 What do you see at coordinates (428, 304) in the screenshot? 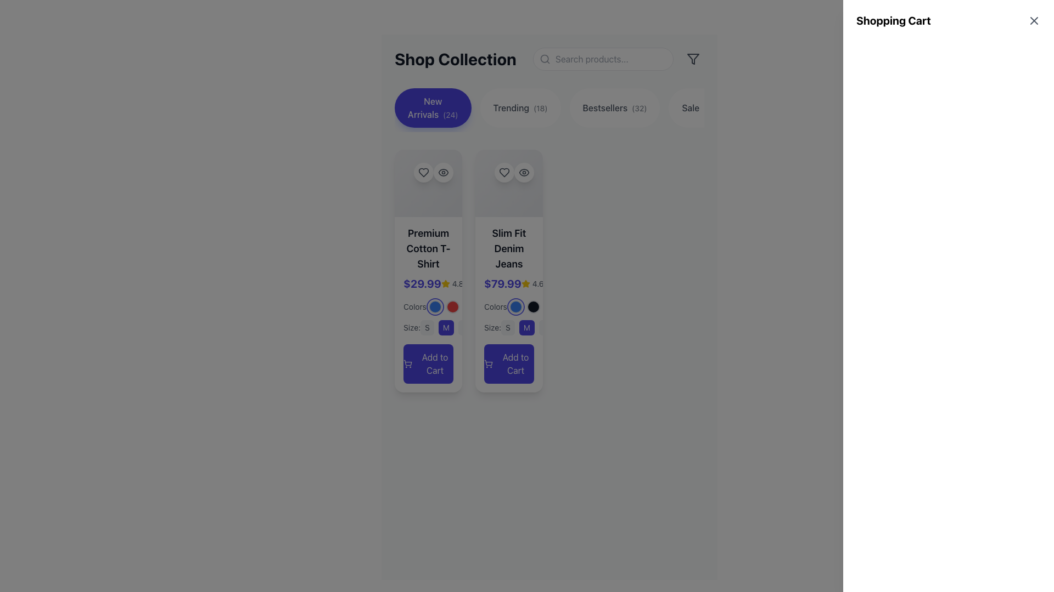
I see `the first selectable color option (blue) for the product 'Premium Cotton T-Shirt'` at bounding box center [428, 304].